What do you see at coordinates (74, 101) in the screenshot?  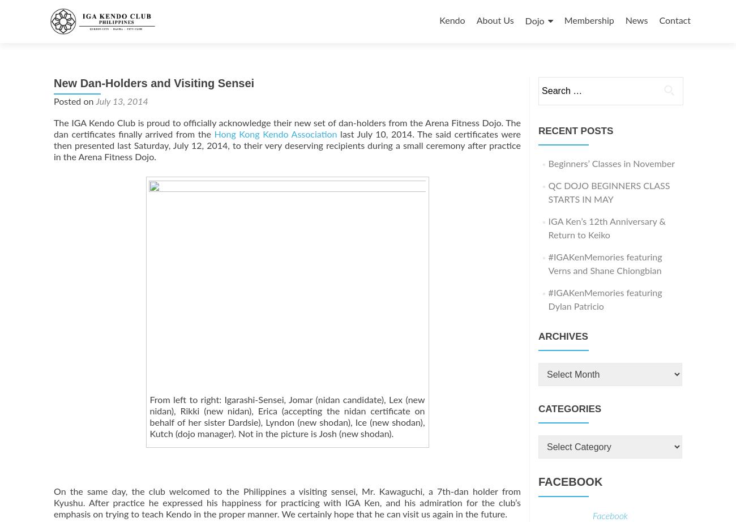 I see `'Posted on'` at bounding box center [74, 101].